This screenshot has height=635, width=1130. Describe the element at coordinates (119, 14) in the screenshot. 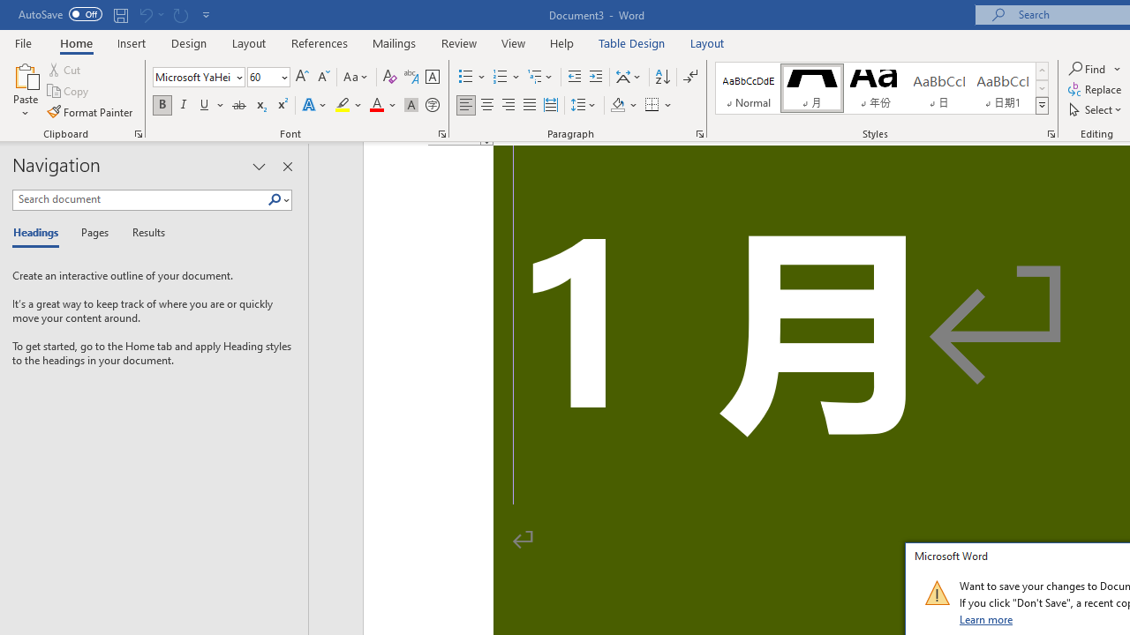

I see `'Save'` at that location.